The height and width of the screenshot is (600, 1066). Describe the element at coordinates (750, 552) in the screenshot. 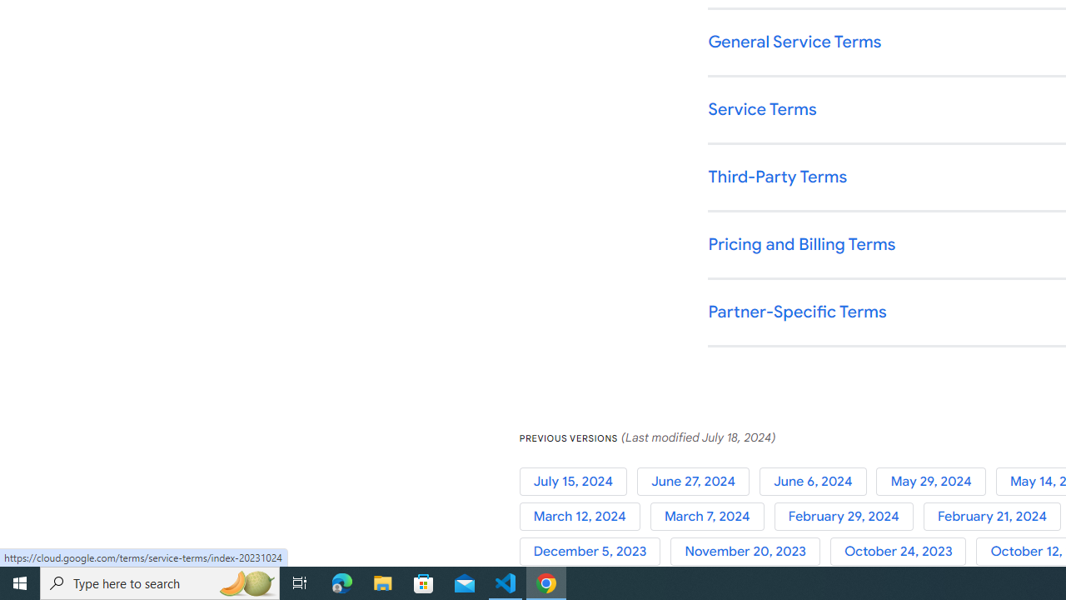

I see `'November 20, 2023'` at that location.